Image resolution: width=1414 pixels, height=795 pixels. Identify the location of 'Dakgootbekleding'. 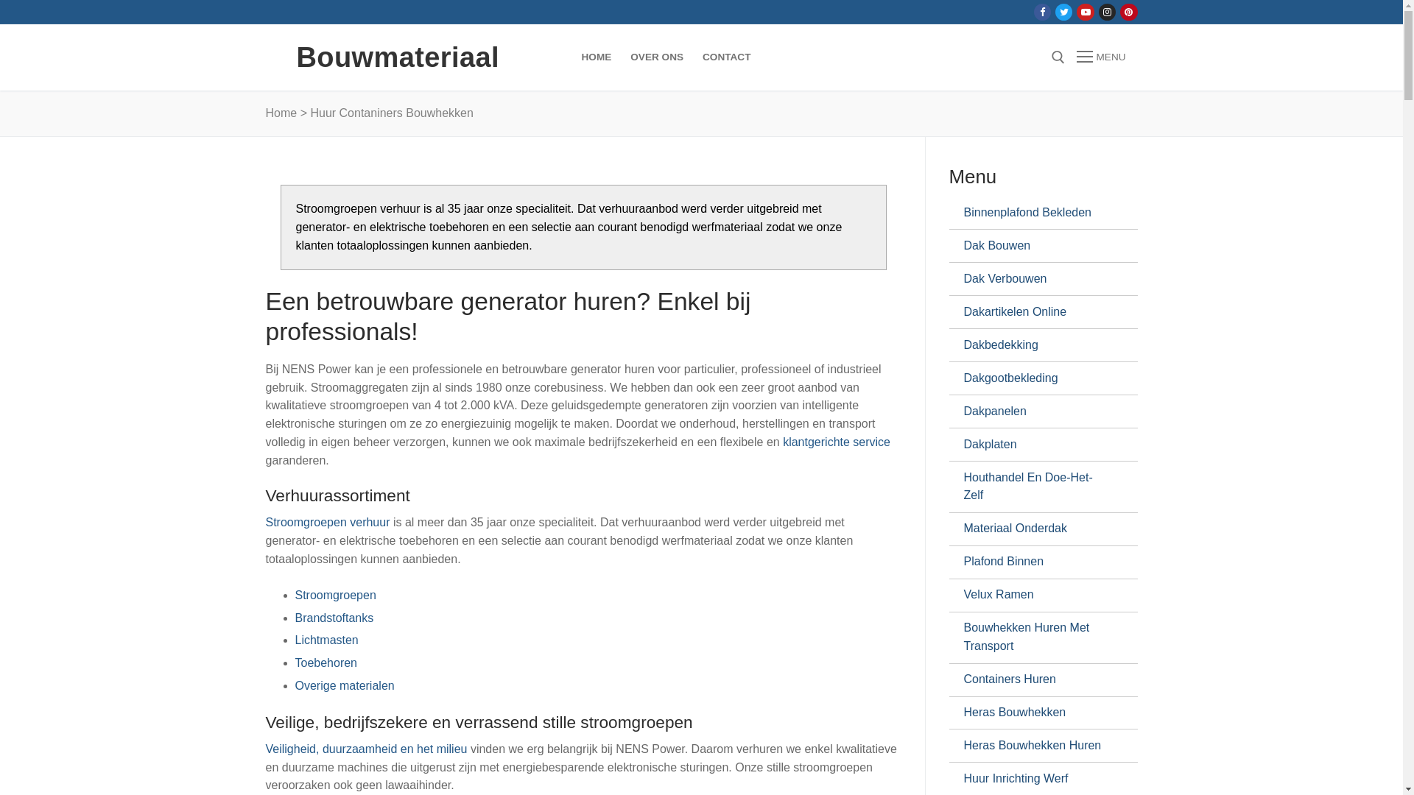
(1035, 377).